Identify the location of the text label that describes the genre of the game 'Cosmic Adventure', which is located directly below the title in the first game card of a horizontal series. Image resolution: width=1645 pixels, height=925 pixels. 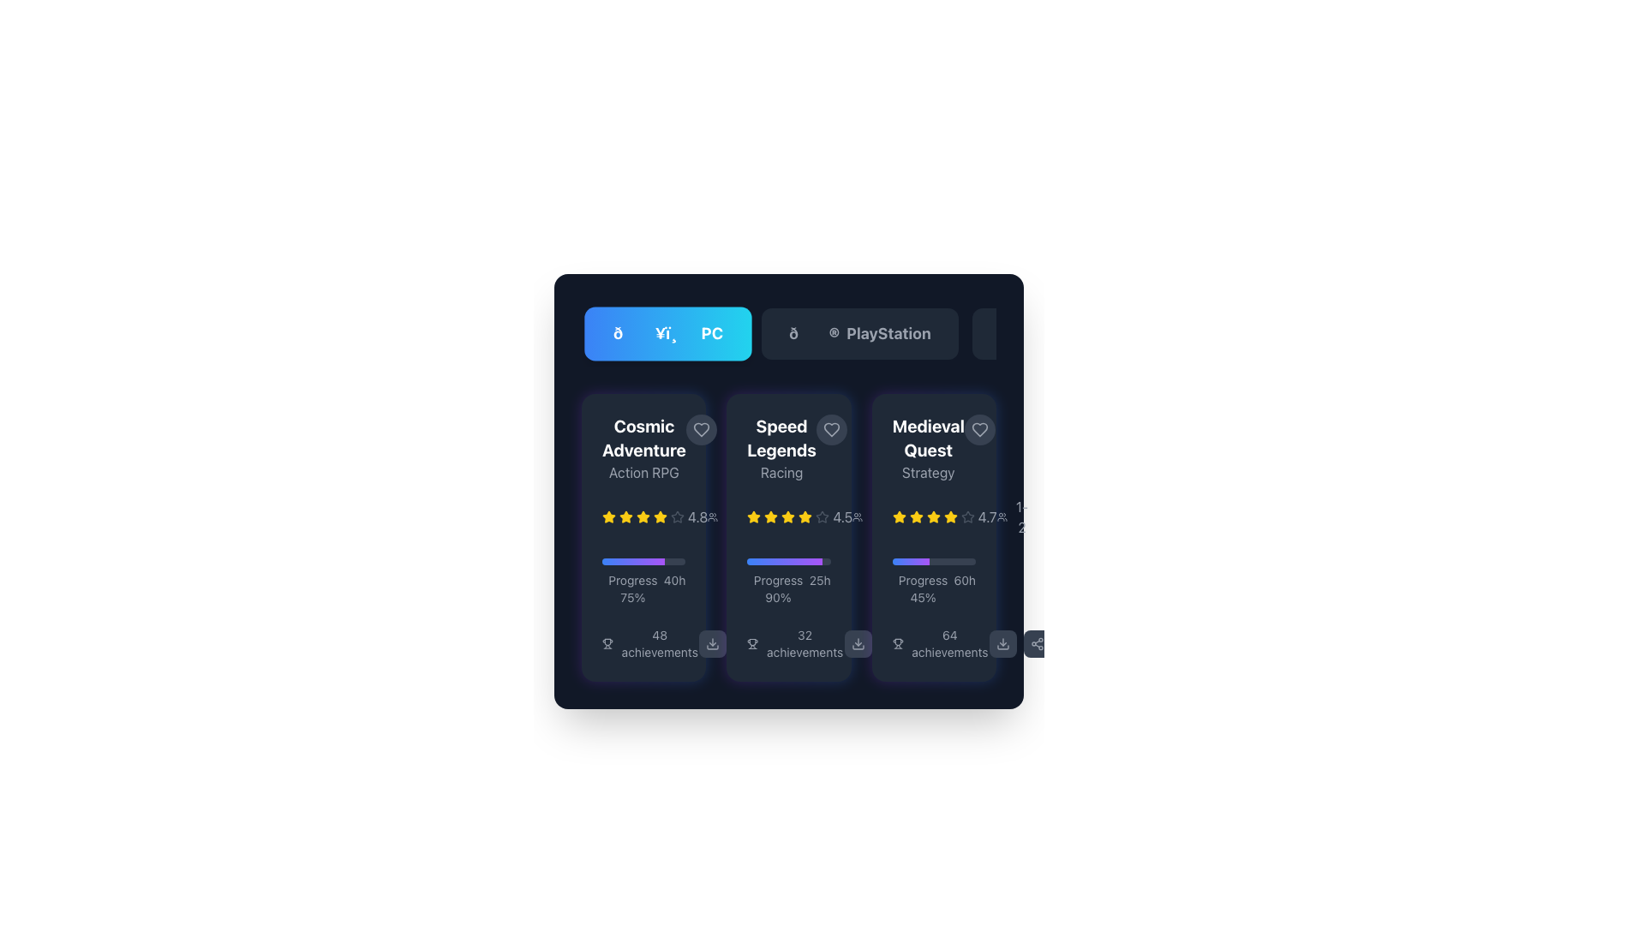
(643, 472).